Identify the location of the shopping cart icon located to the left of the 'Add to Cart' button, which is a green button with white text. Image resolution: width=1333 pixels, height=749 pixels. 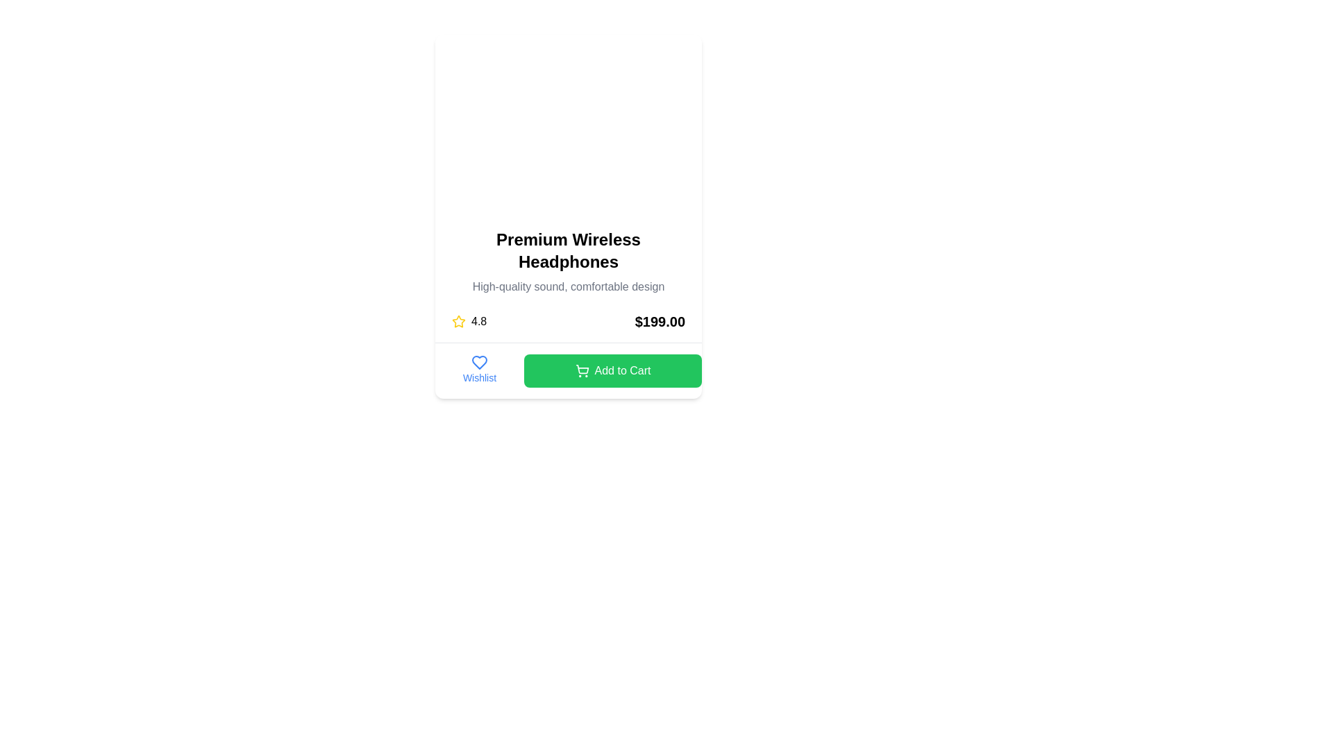
(582, 370).